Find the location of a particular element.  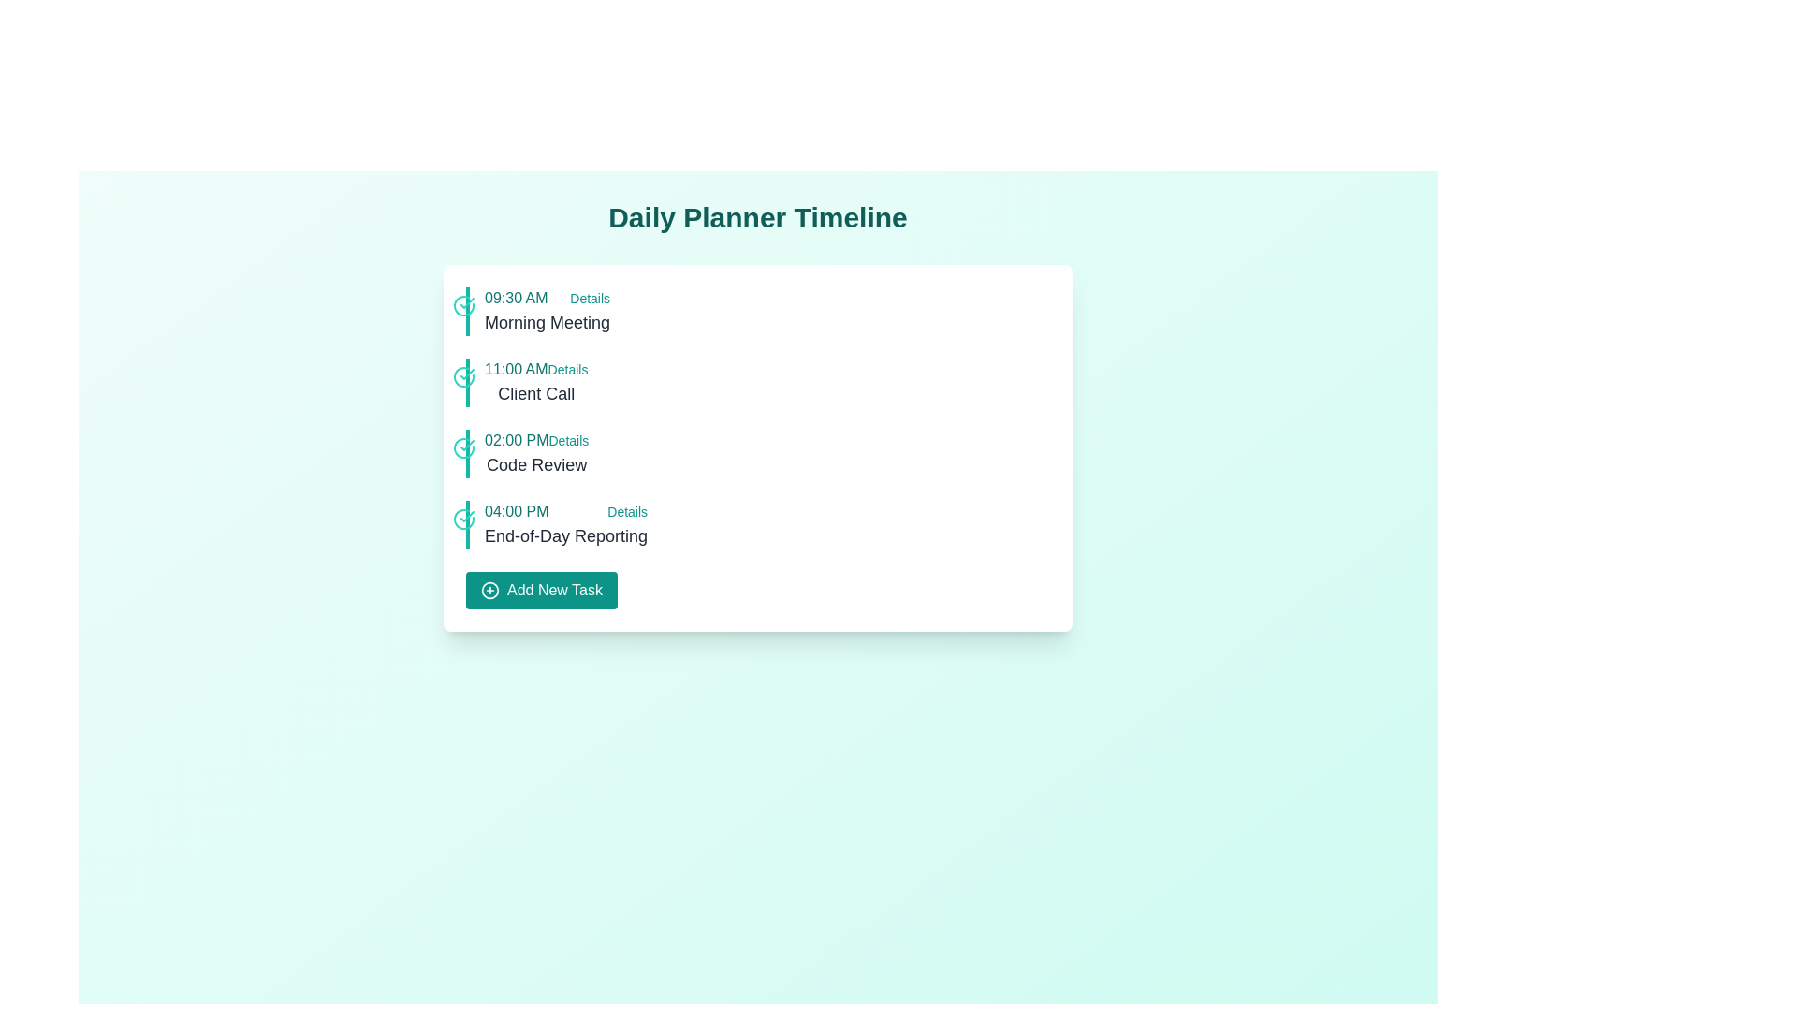

the 'Details' link in the Timeline entry labeled 'End-of-Day Reporting', which is styled in teal and positioned above the time string '04:00 PM' is located at coordinates (564, 524).